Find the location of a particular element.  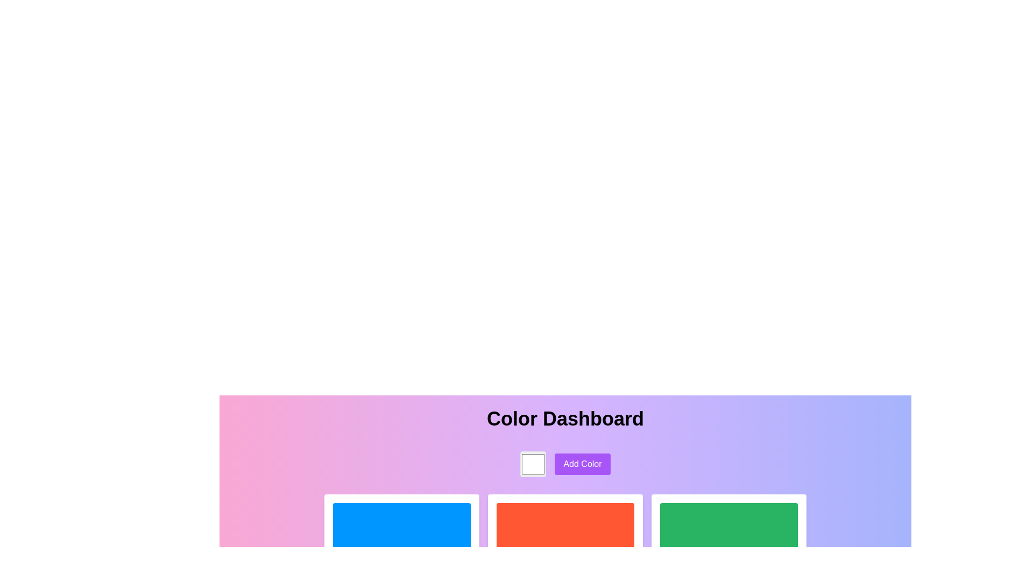

the button located to the right of the square color picker, which adds a new colored item or panel to the interface is located at coordinates (565, 464).